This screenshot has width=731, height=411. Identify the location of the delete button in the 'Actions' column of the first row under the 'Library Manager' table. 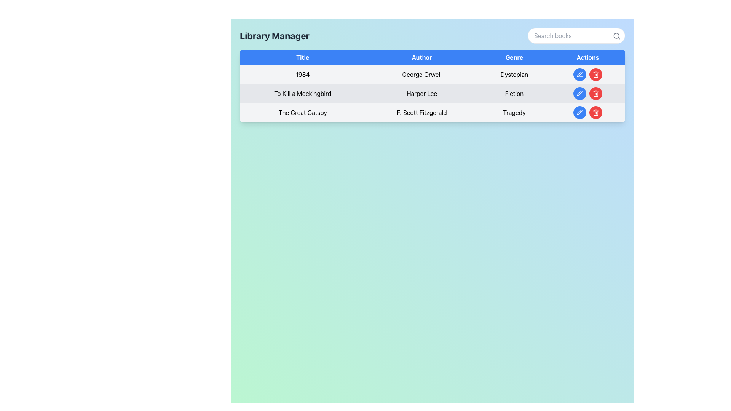
(595, 75).